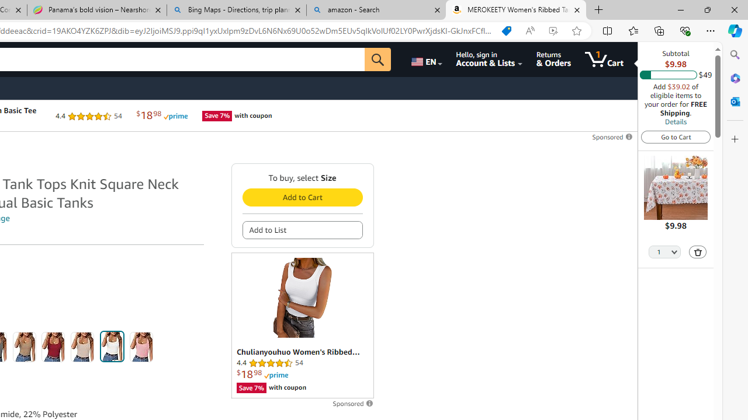 Image resolution: width=748 pixels, height=420 pixels. What do you see at coordinates (53, 346) in the screenshot?
I see `'Red'` at bounding box center [53, 346].